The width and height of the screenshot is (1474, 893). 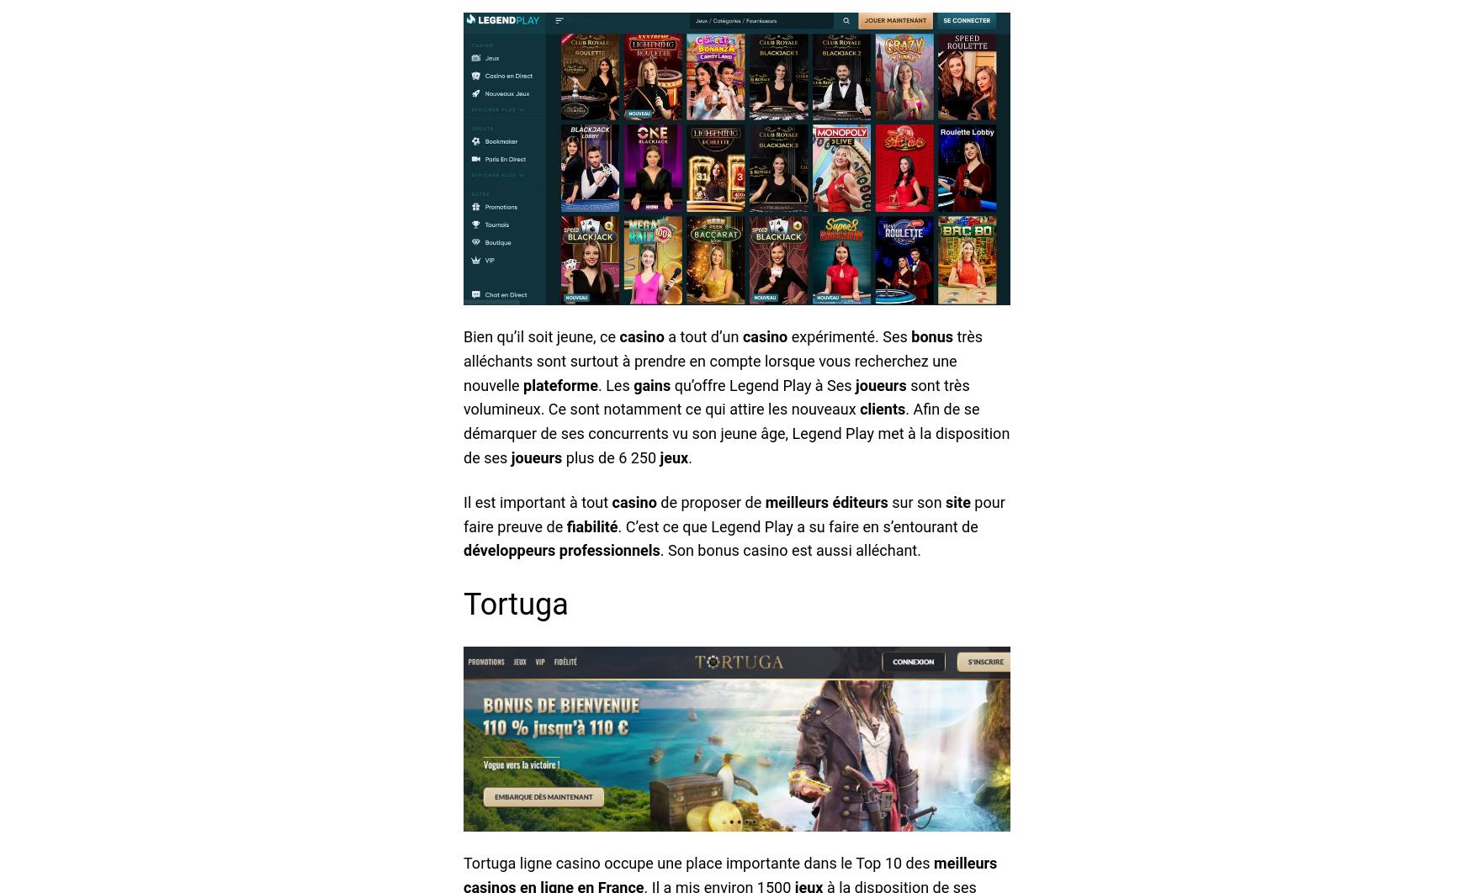 I want to click on '. Afin de se démarquer de ses concurrents vu son jeune âge, Legend Play met à la disposition de ses', so click(x=735, y=431).